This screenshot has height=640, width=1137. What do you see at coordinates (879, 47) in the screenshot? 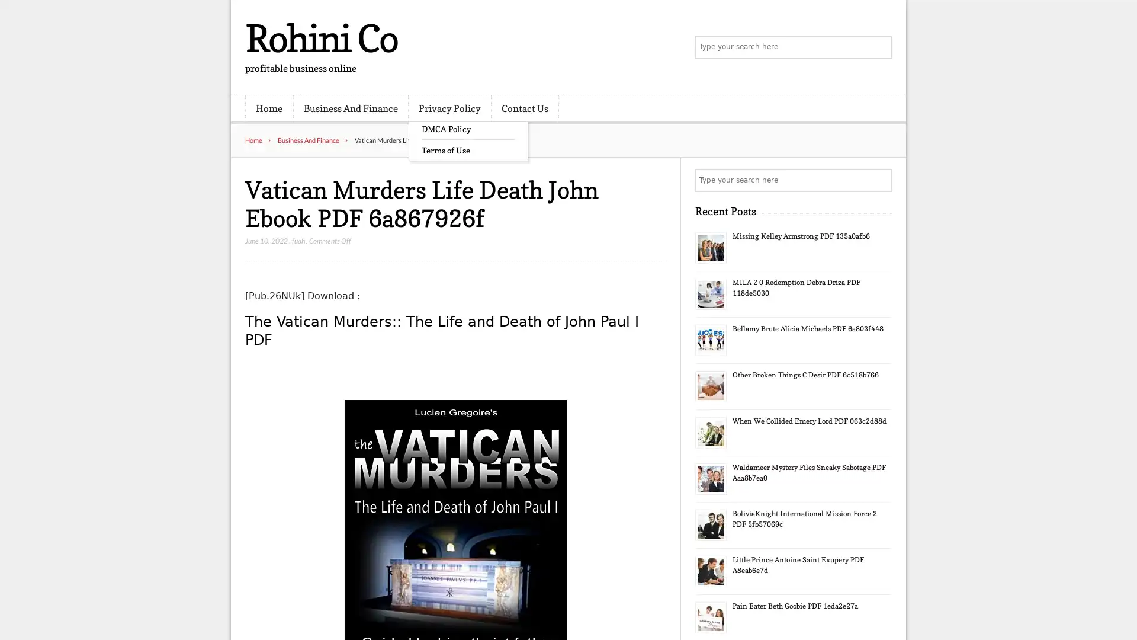
I see `Search` at bounding box center [879, 47].